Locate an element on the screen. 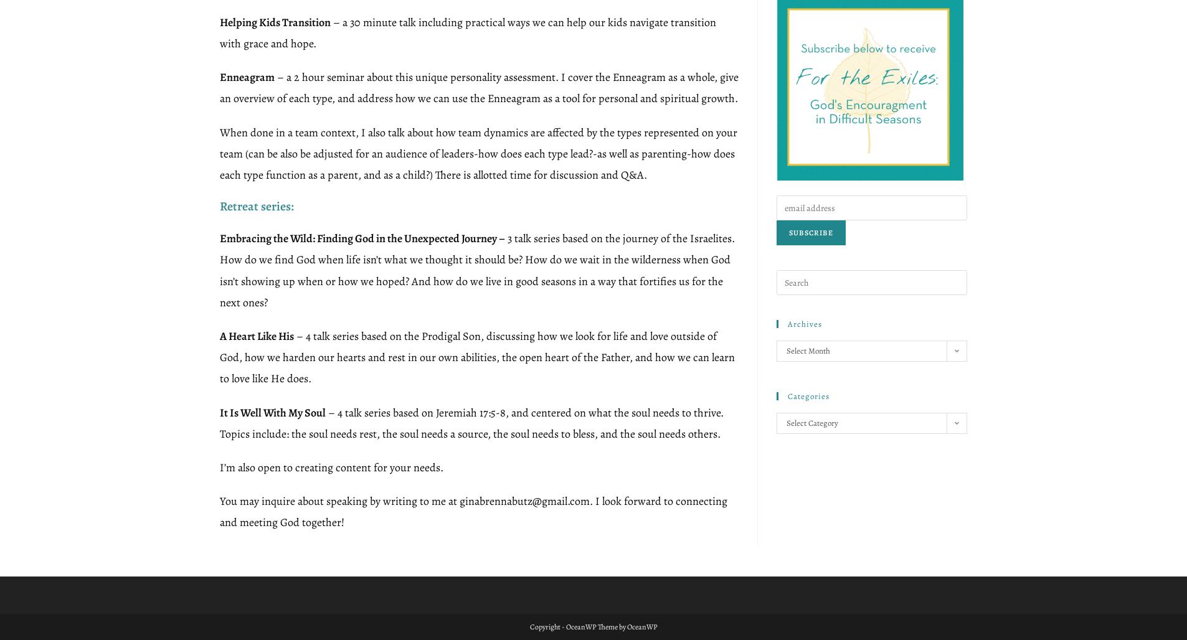 The height and width of the screenshot is (640, 1187). 'When done in a team context, I also talk about how team dynamics are affected by the types represented on your team (can be also be adjusted for an audience of leaders-how does each type lead?-as well as parenting-how does each type function as a parent, and as a child?) There is allotted time for discussion and Q&A.' is located at coordinates (478, 153).